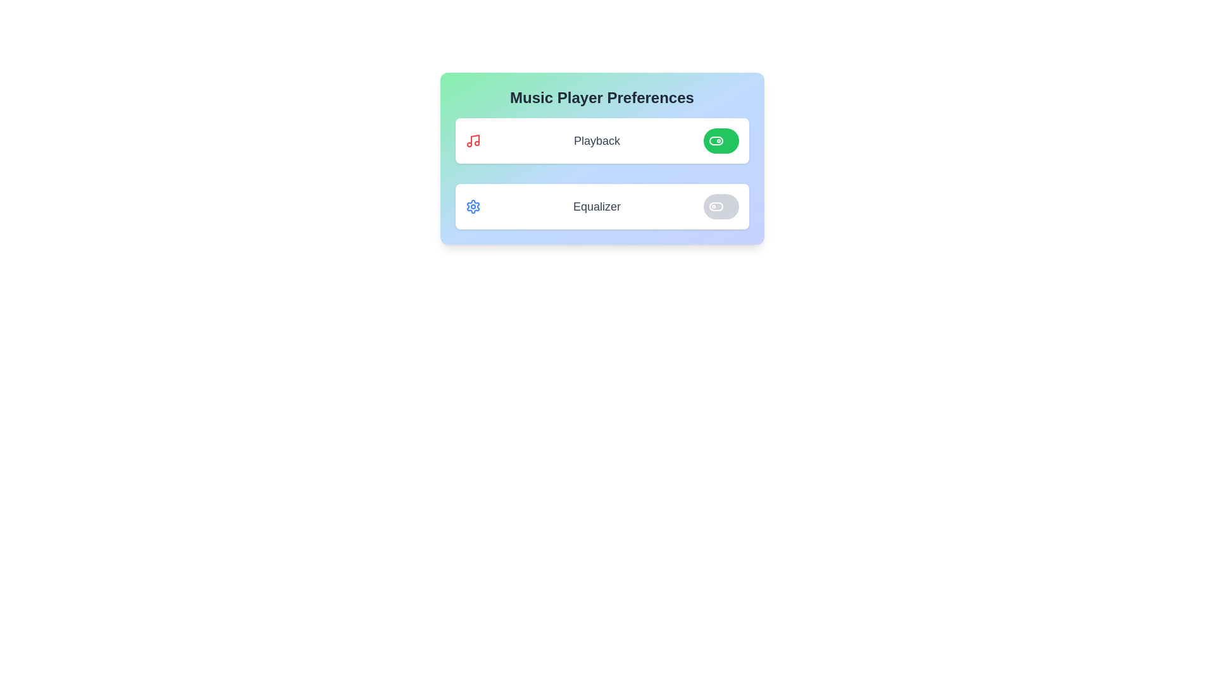  Describe the element at coordinates (596, 141) in the screenshot. I see `text label that identifies the toggle button, located to the left of the green toggle button and to the right of the red music icon` at that location.